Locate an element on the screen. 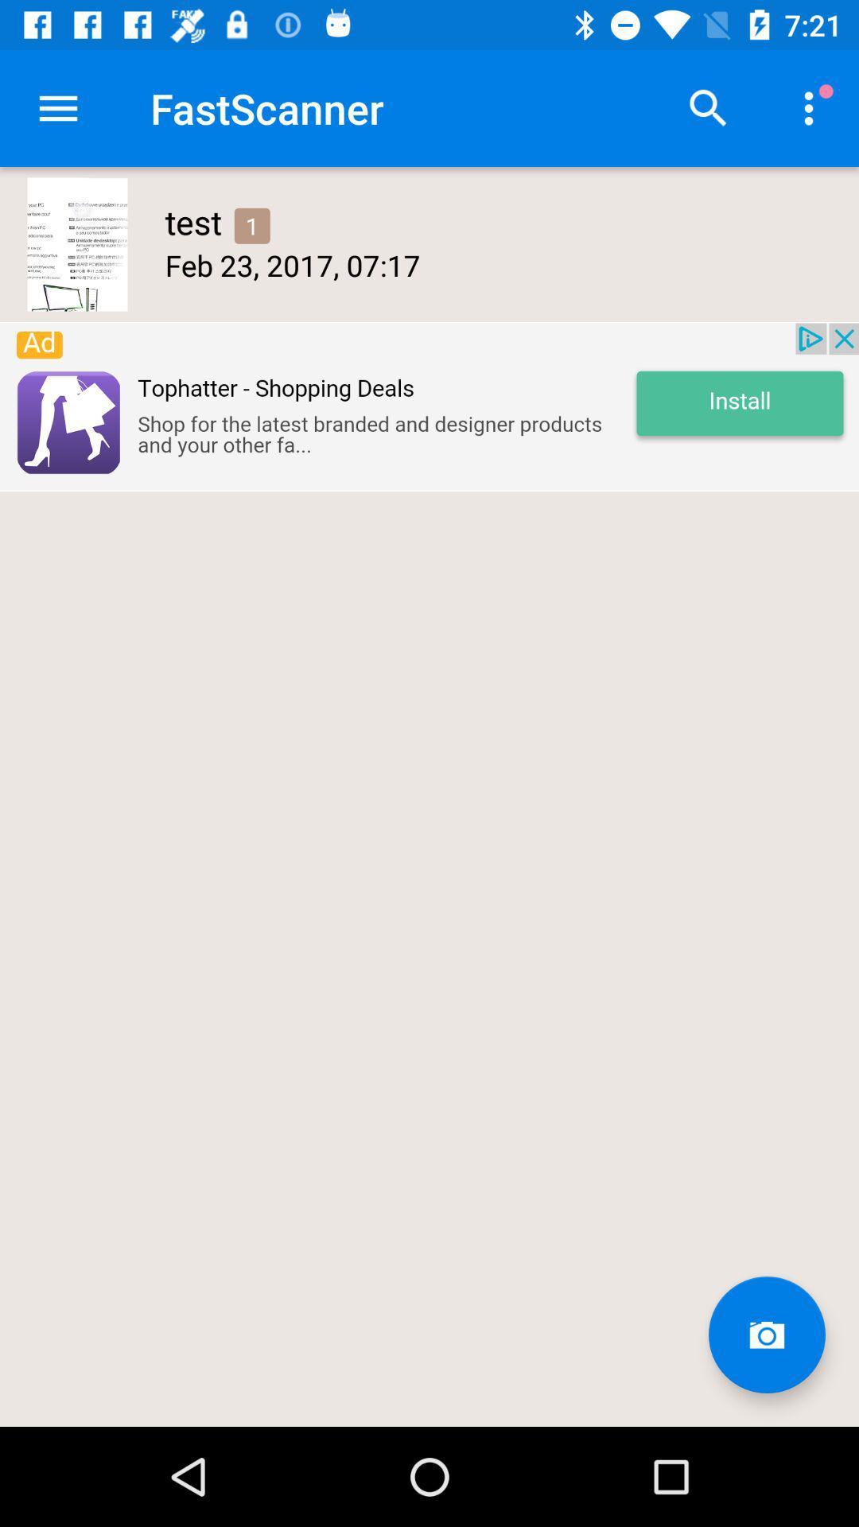  the app is located at coordinates (429, 406).